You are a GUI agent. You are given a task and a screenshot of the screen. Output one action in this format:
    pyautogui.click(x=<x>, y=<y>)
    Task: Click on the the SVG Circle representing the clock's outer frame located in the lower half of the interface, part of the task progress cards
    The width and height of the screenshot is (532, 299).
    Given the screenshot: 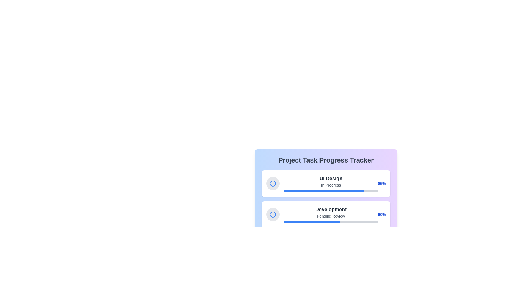 What is the action you would take?
    pyautogui.click(x=273, y=184)
    